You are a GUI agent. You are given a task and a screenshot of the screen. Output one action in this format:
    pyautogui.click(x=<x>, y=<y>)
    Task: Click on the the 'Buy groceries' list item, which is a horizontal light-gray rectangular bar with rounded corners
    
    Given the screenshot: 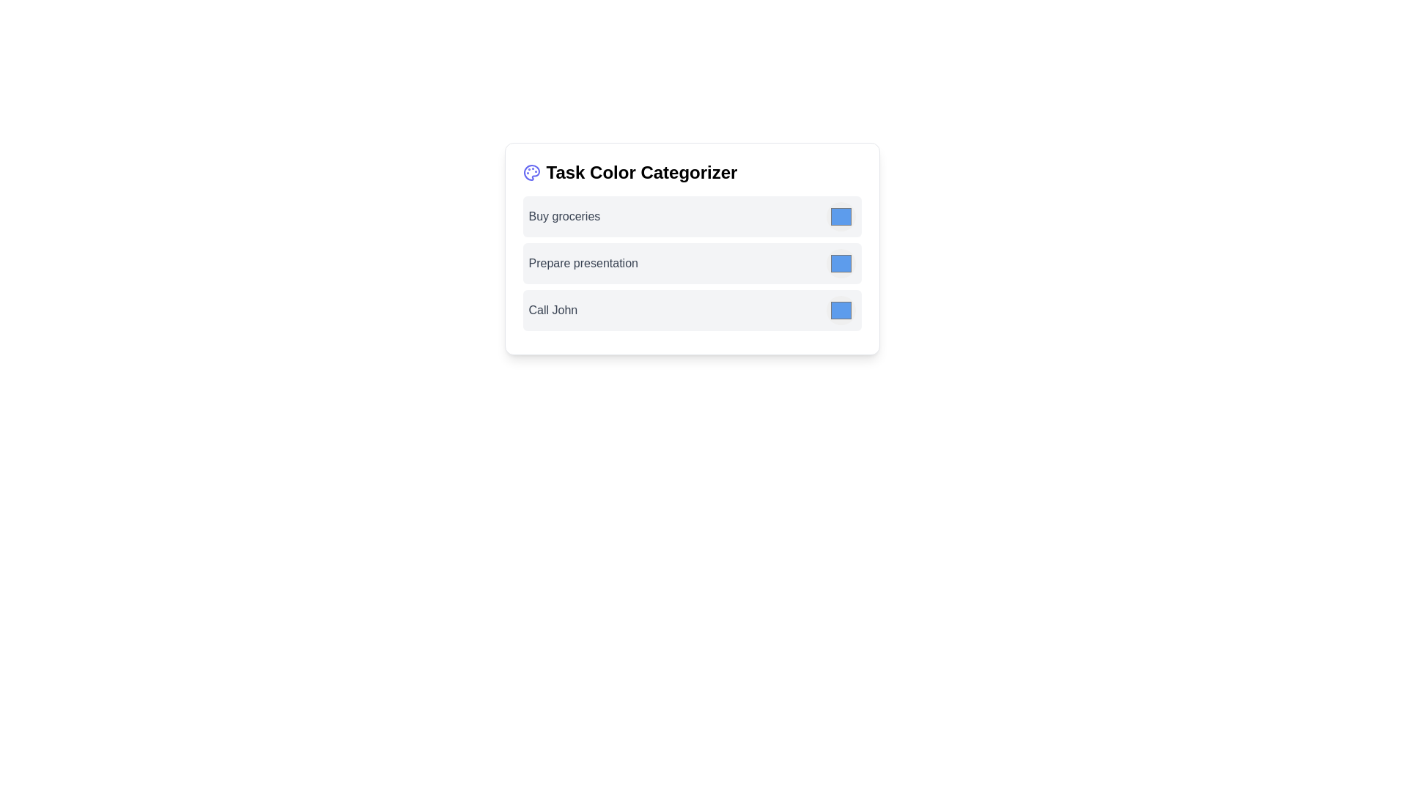 What is the action you would take?
    pyautogui.click(x=691, y=217)
    